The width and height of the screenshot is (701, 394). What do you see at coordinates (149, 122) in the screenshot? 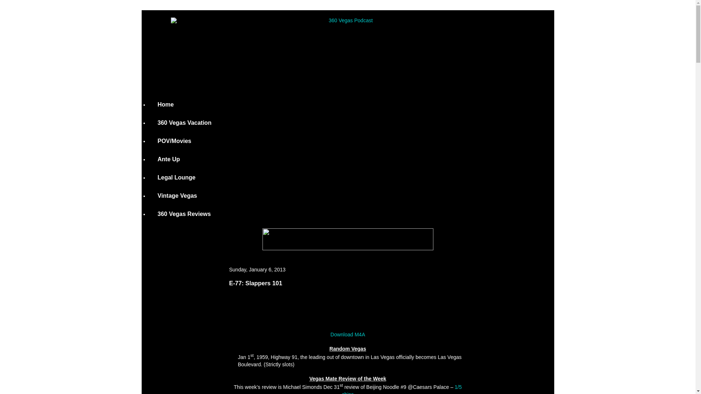
I see `'360 Vegas Vacation'` at bounding box center [149, 122].